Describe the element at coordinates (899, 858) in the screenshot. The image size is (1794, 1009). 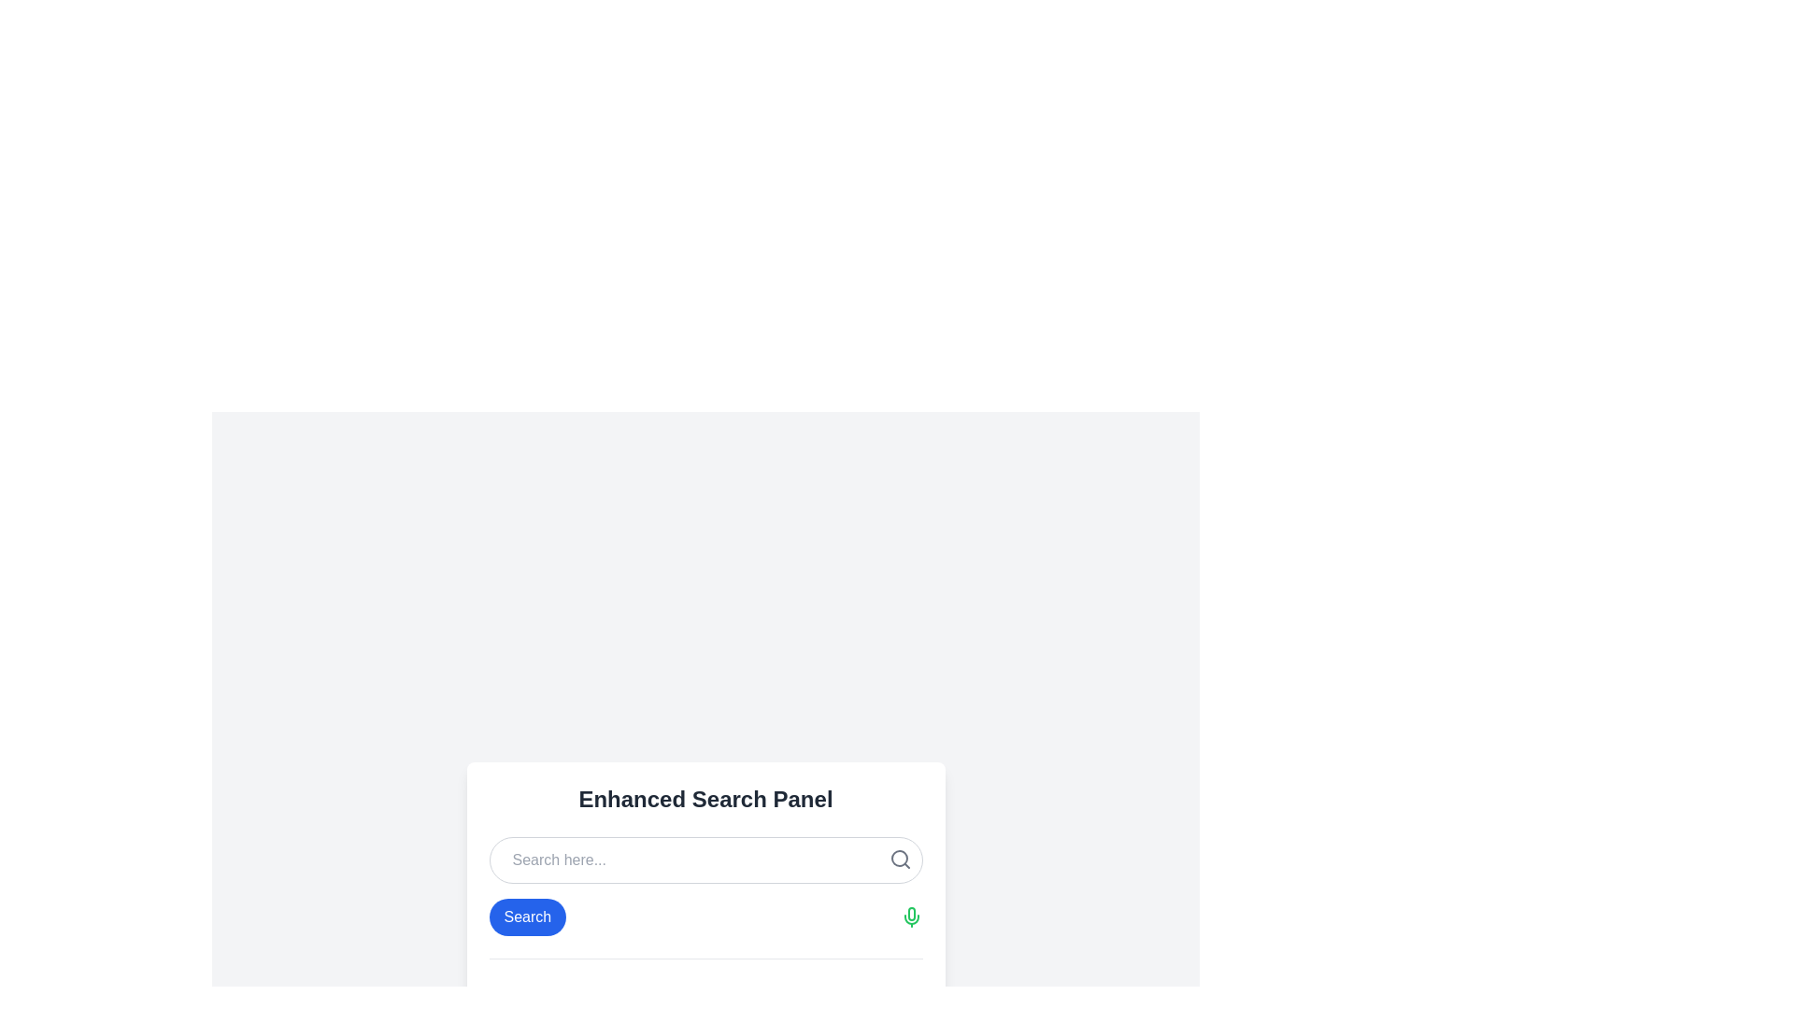
I see `the lens part of the magnifying glass icon located inside the search bar at the top of the search panel` at that location.